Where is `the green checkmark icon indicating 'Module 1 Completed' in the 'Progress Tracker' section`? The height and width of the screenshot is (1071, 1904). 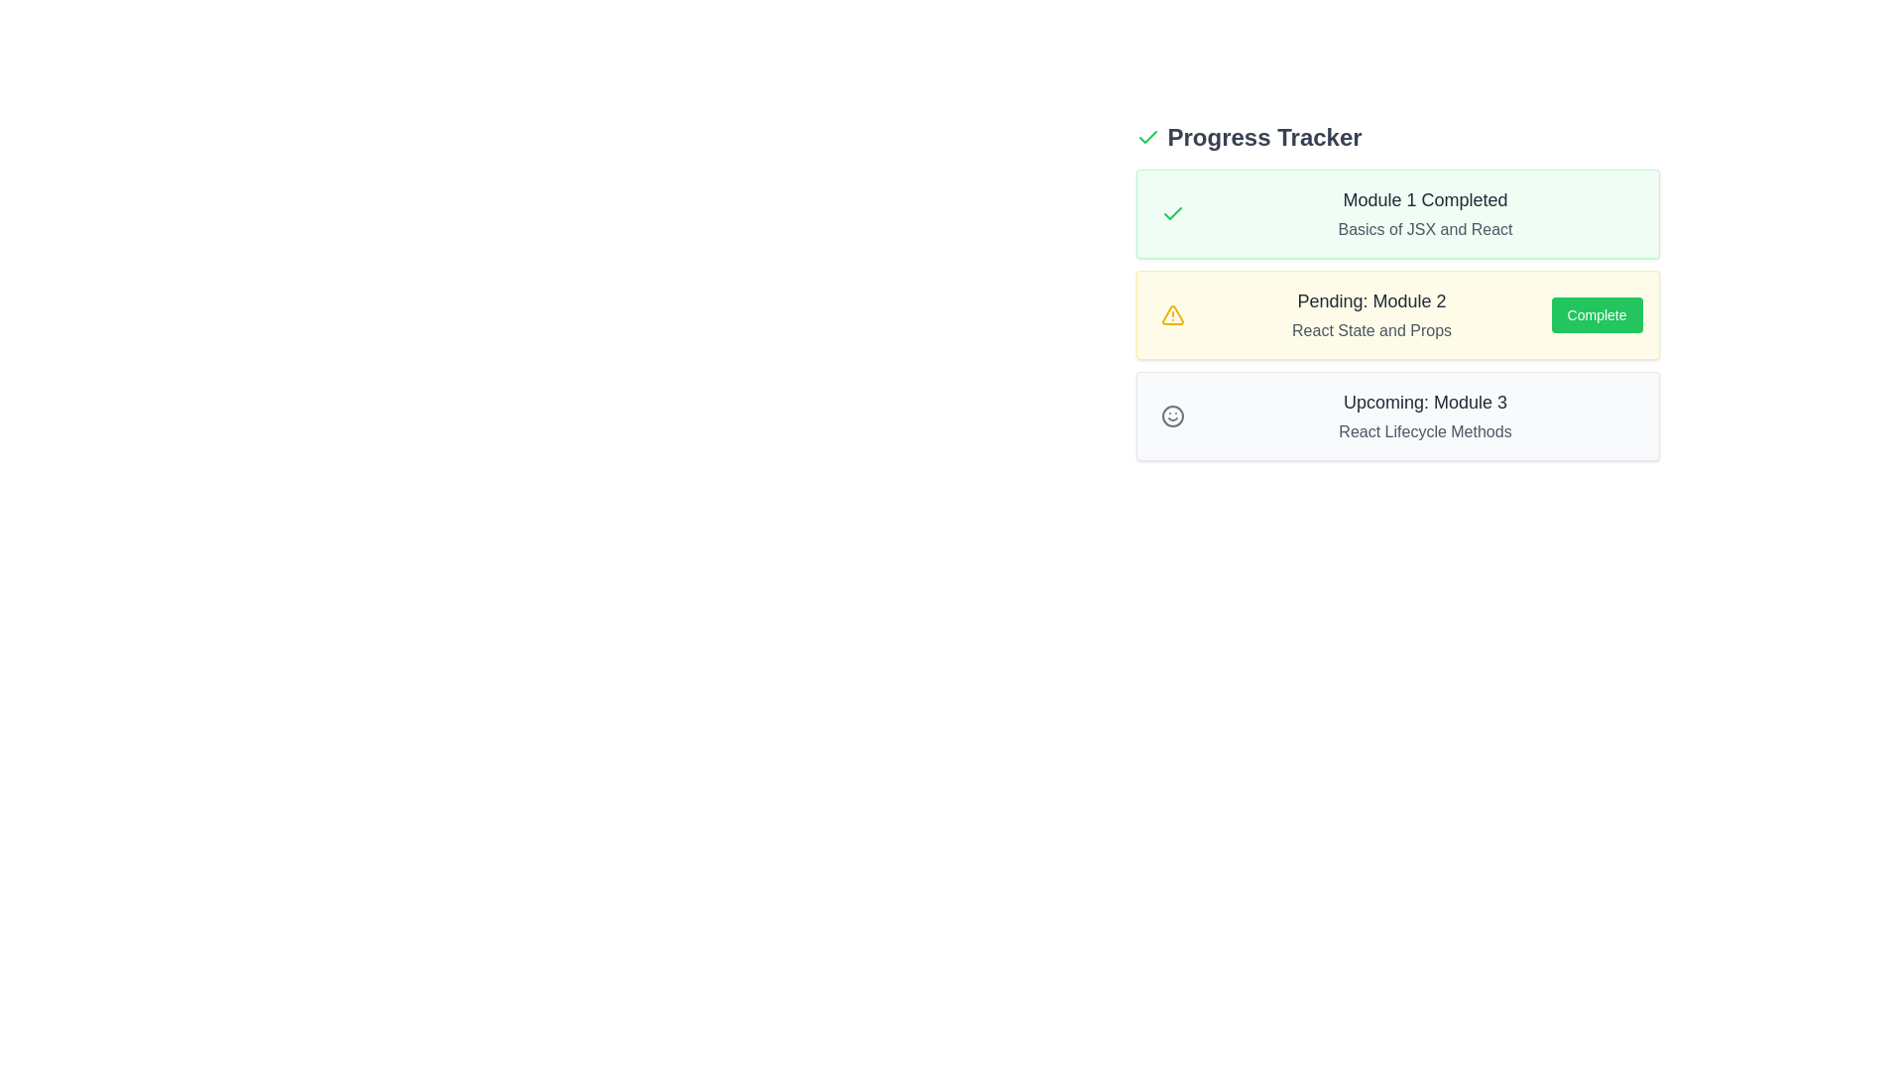 the green checkmark icon indicating 'Module 1 Completed' in the 'Progress Tracker' section is located at coordinates (1172, 214).